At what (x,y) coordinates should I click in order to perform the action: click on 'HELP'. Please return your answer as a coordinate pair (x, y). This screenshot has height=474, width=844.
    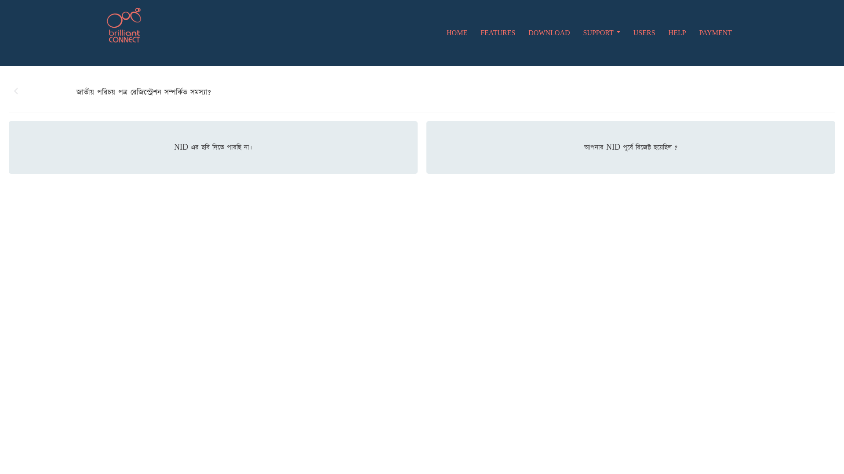
    Looking at the image, I should click on (677, 32).